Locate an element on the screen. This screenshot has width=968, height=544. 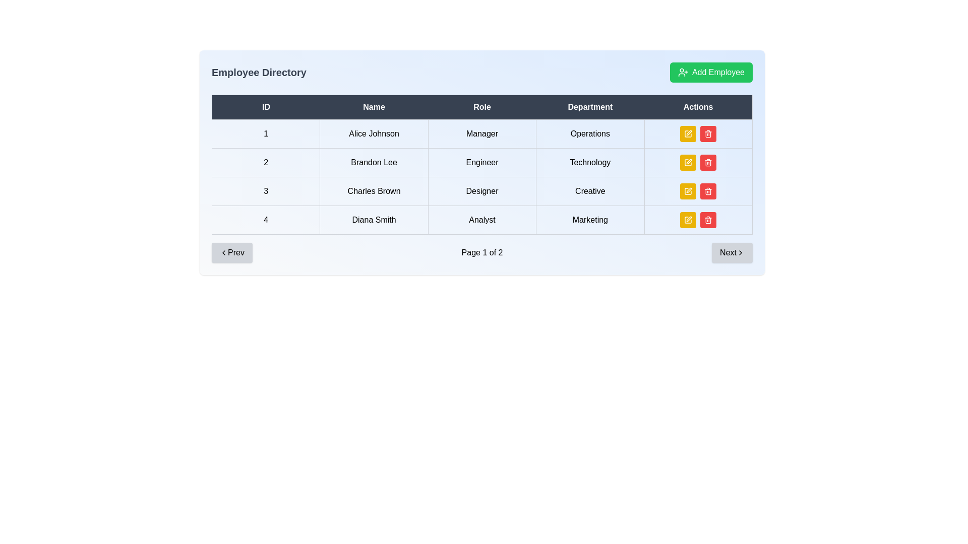
the numeral '4' displayed in bold style within the lightly shaded cell in the ID column of the fourth row, corresponding to Diana Smith is located at coordinates (266, 219).